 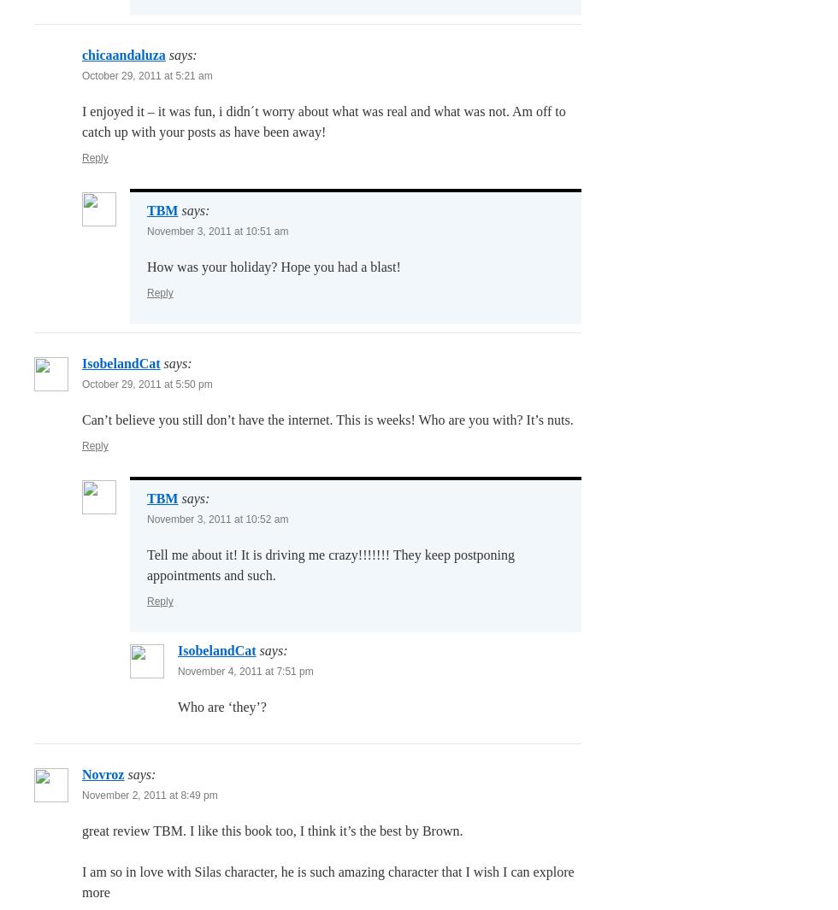 I want to click on 'November 2, 2011 at 8:49 pm', so click(x=150, y=796).